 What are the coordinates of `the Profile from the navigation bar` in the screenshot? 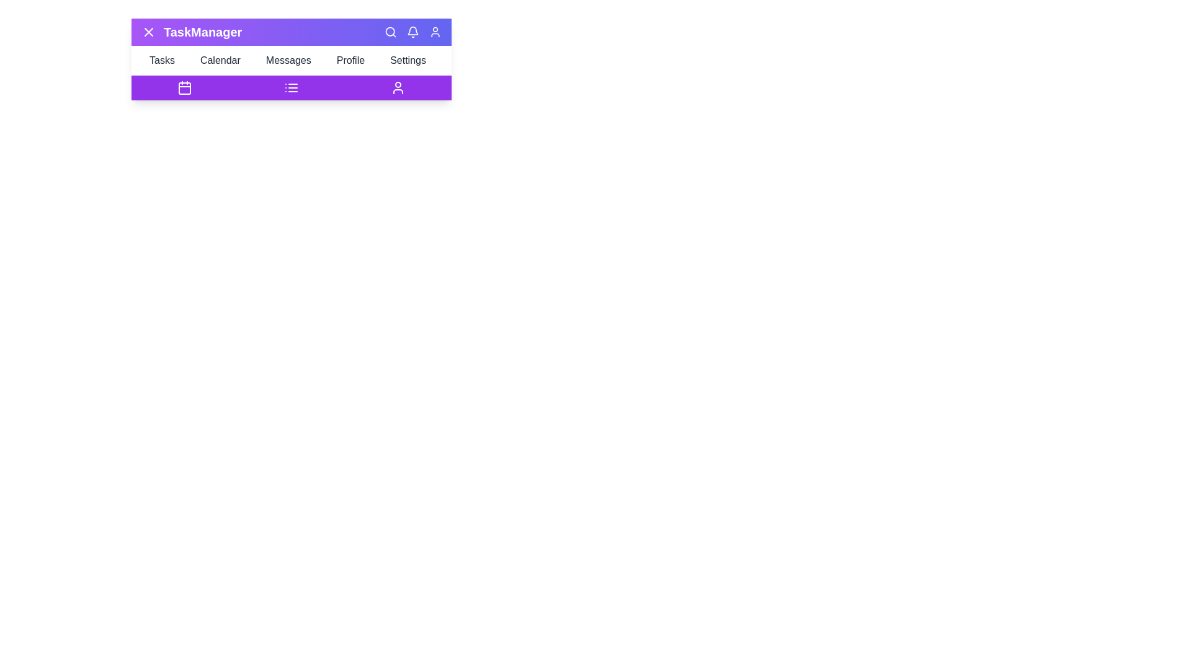 It's located at (354, 60).